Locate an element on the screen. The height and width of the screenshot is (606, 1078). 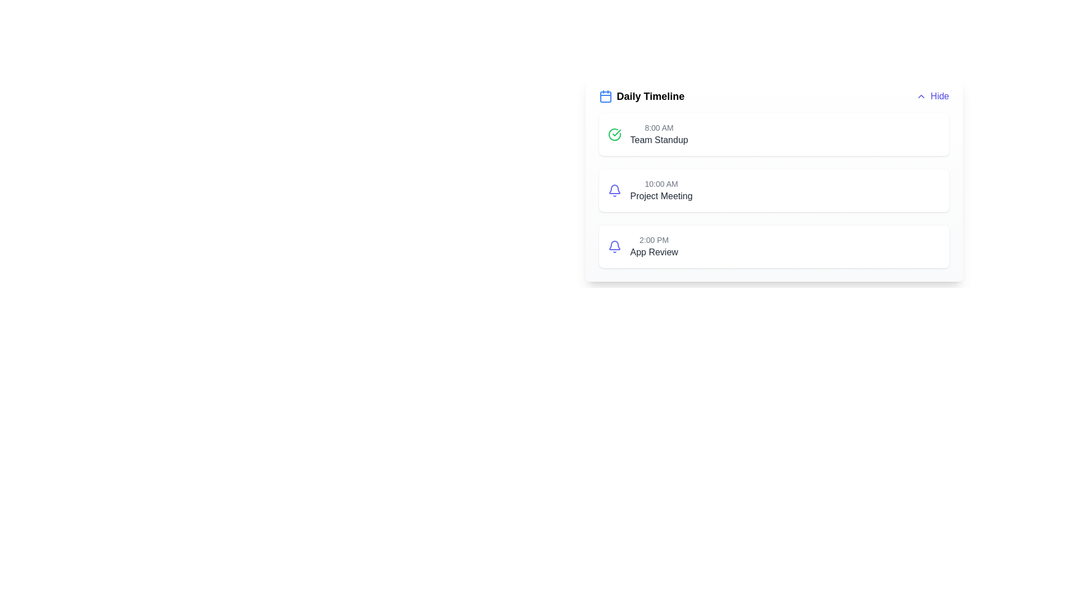
the third Text Label in the timeline UI displaying '2:00 PM' and 'App Review' is located at coordinates (654, 246).